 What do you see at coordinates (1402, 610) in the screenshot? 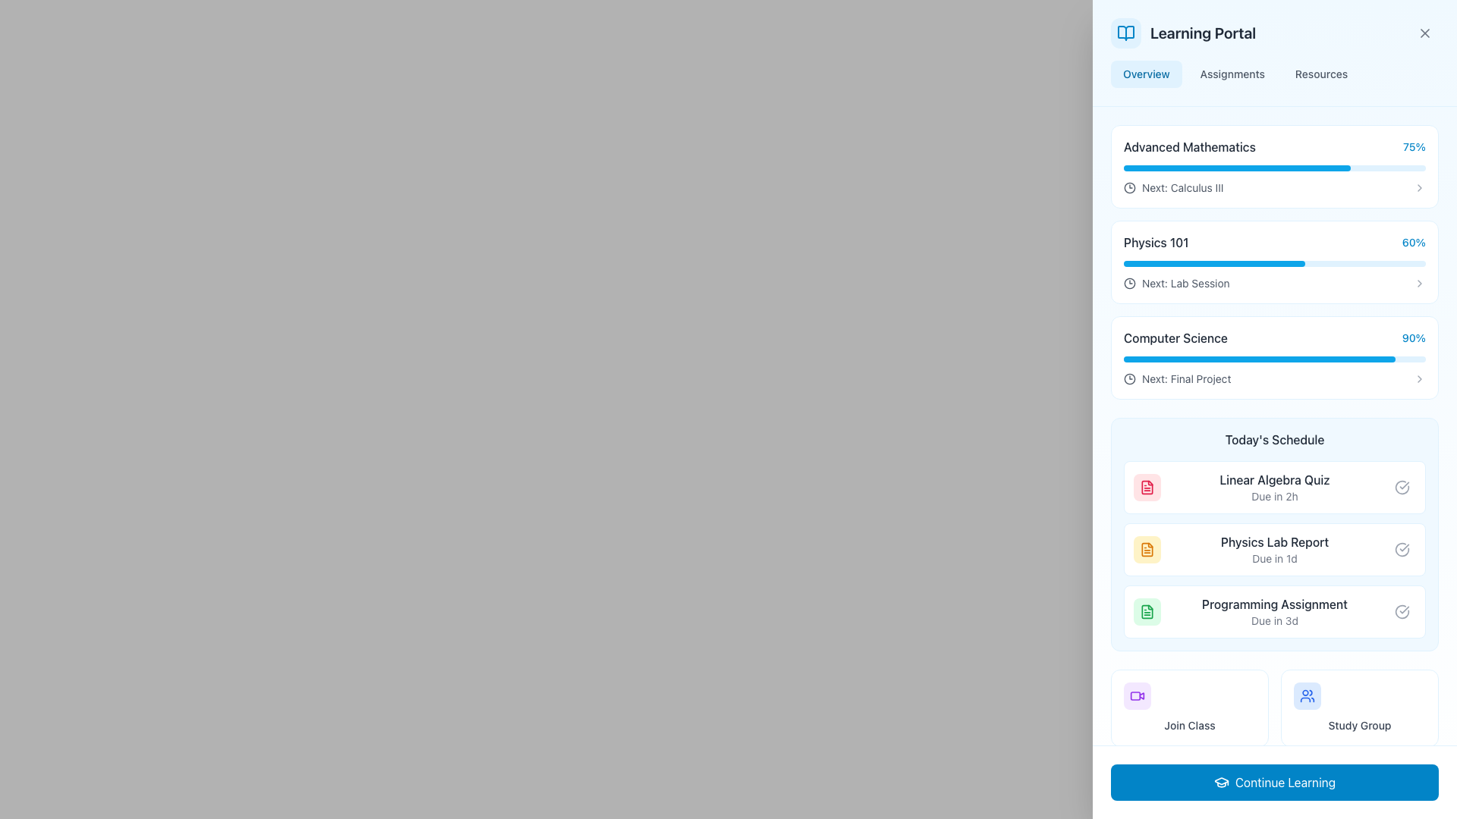
I see `the button in the bottom right corner of the 'Programming Assignment' card to mark the assignment as completed` at bounding box center [1402, 610].